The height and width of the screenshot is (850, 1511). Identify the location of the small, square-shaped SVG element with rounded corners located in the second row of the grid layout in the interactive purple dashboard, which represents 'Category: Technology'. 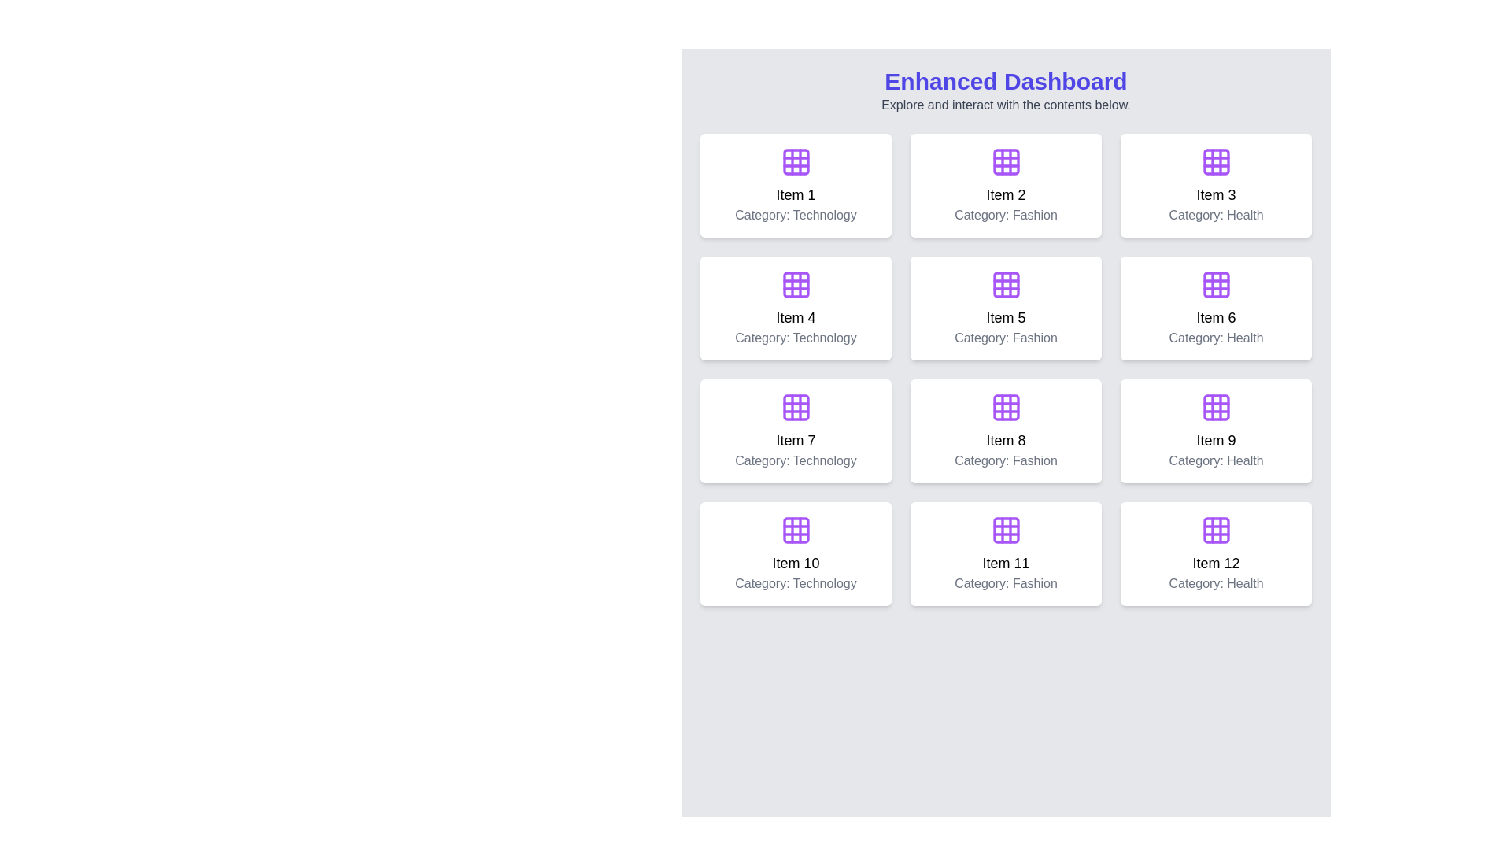
(796, 285).